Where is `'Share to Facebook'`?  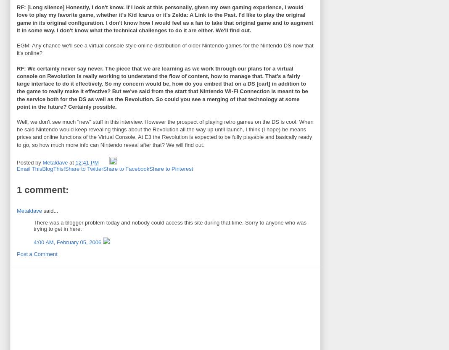 'Share to Facebook' is located at coordinates (126, 168).